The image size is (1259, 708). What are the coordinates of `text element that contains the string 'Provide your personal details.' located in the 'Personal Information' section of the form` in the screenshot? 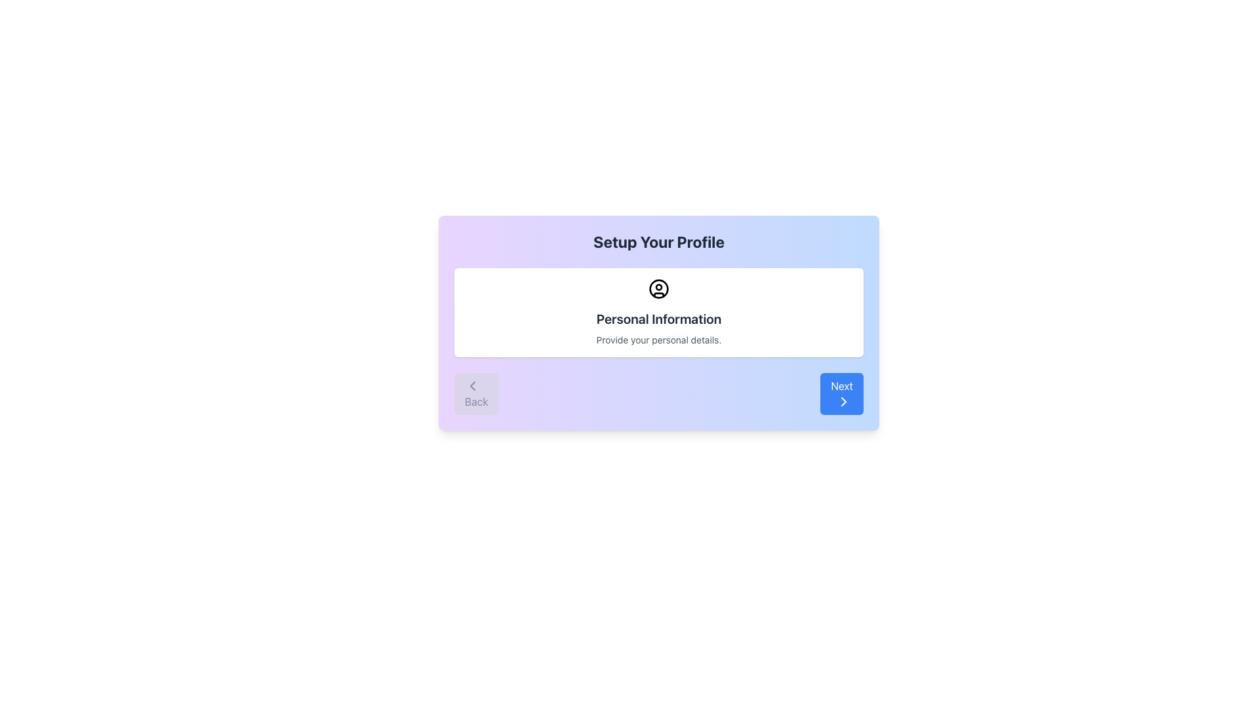 It's located at (658, 340).